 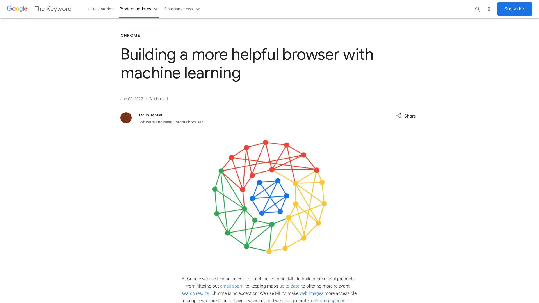 What do you see at coordinates (406, 115) in the screenshot?
I see `Share` at bounding box center [406, 115].